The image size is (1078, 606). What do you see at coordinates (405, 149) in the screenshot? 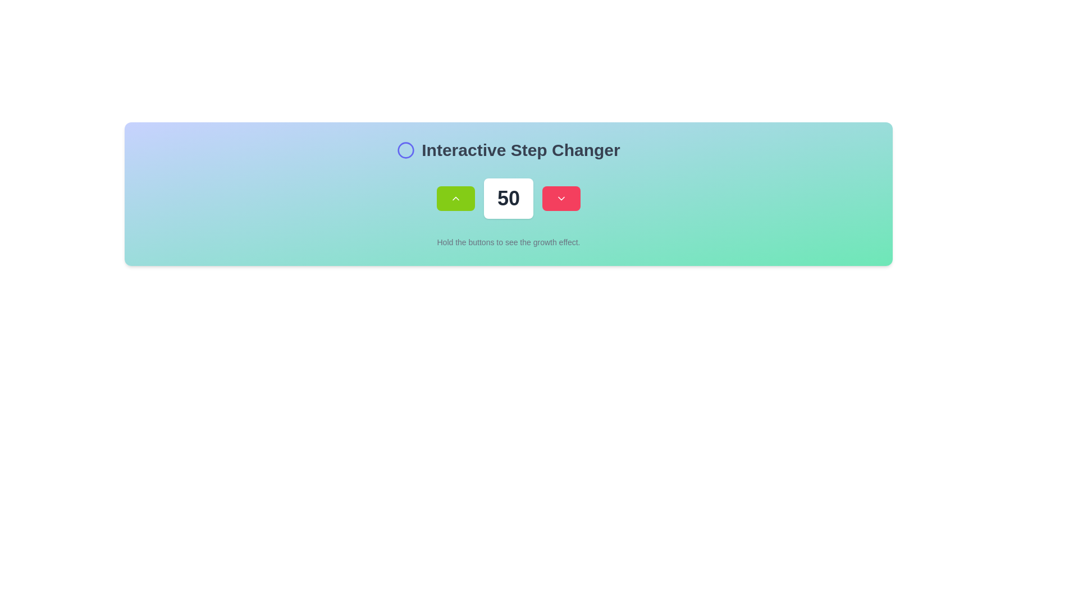
I see `the circular icon with an indigo border located on the left side of the 'Interactive Step Changer' text label for additional feedback` at bounding box center [405, 149].